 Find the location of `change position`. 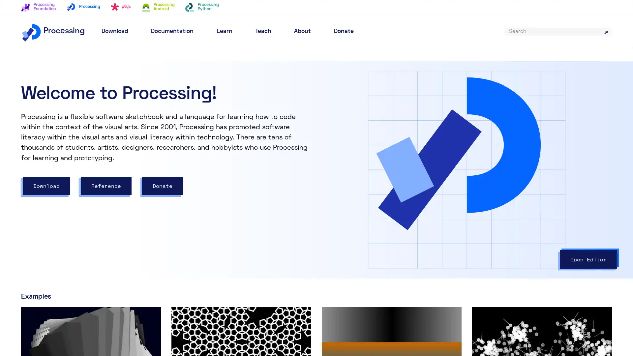

change position is located at coordinates (390, 219).